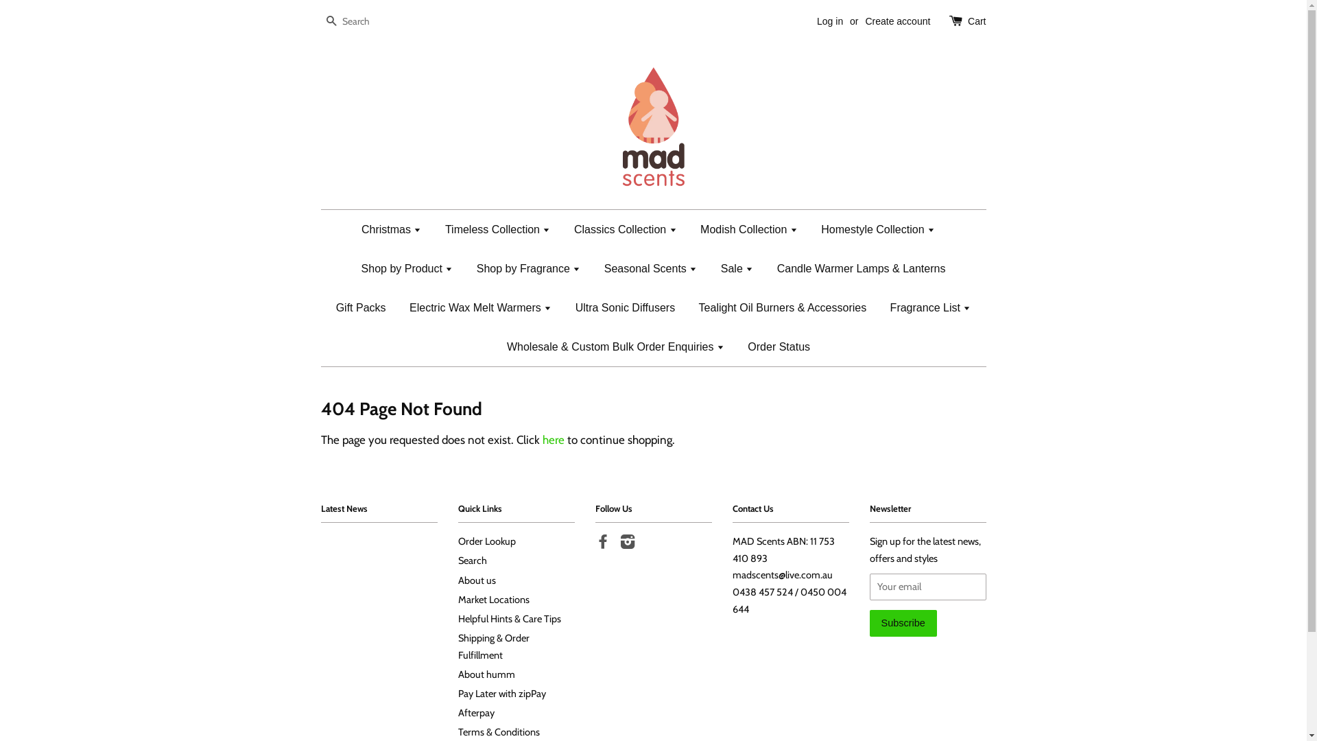 This screenshot has width=1317, height=741. Describe the element at coordinates (897, 21) in the screenshot. I see `'Create account'` at that location.